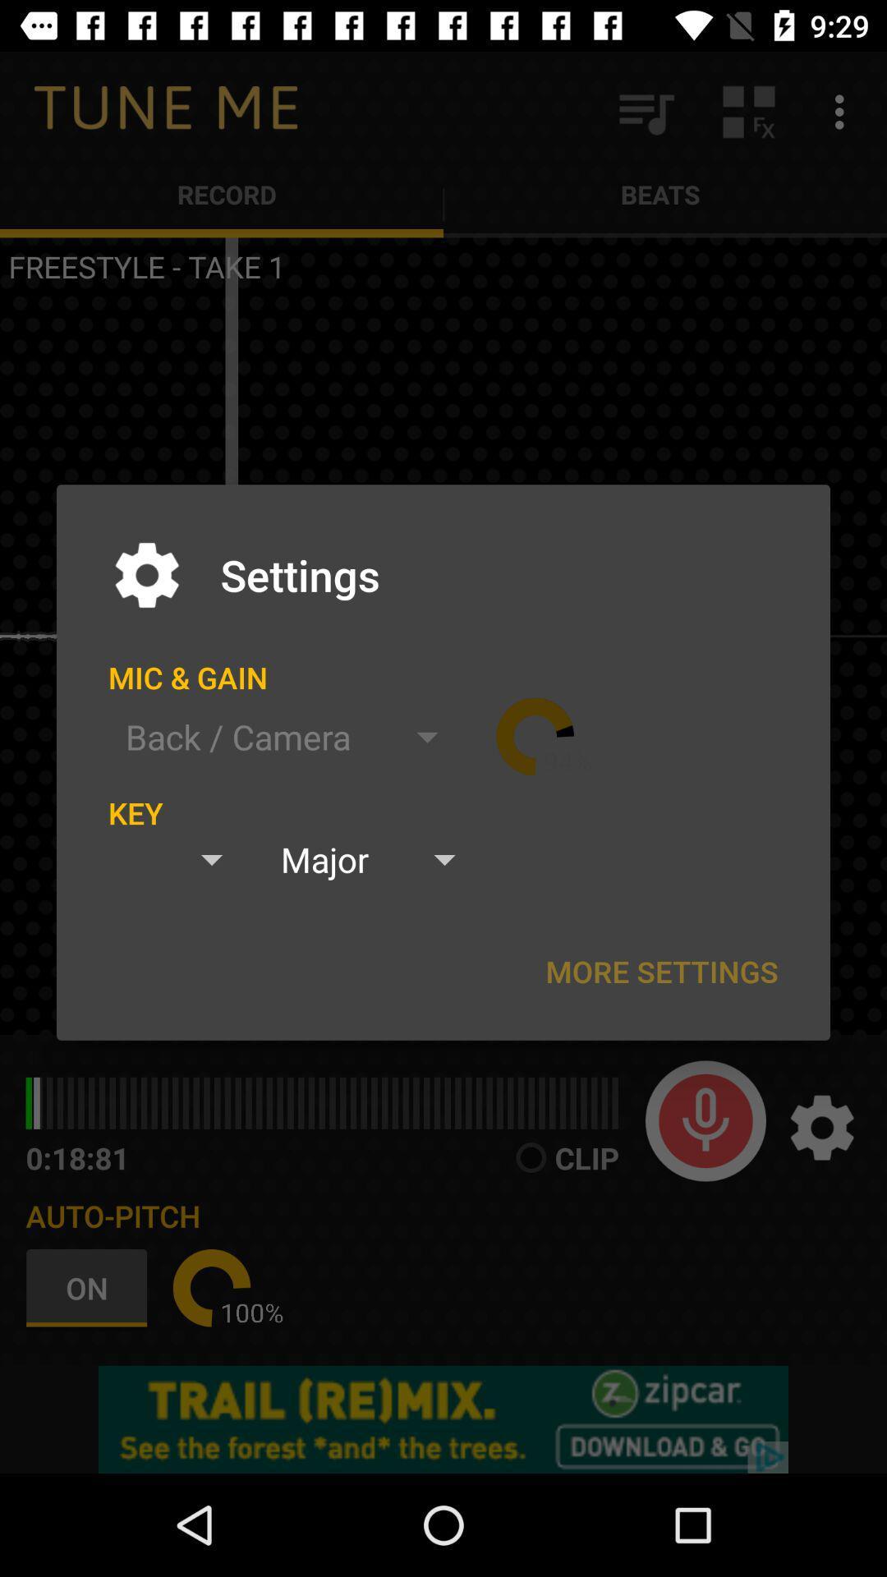 The image size is (887, 1577). I want to click on the app above beats app, so click(843, 111).